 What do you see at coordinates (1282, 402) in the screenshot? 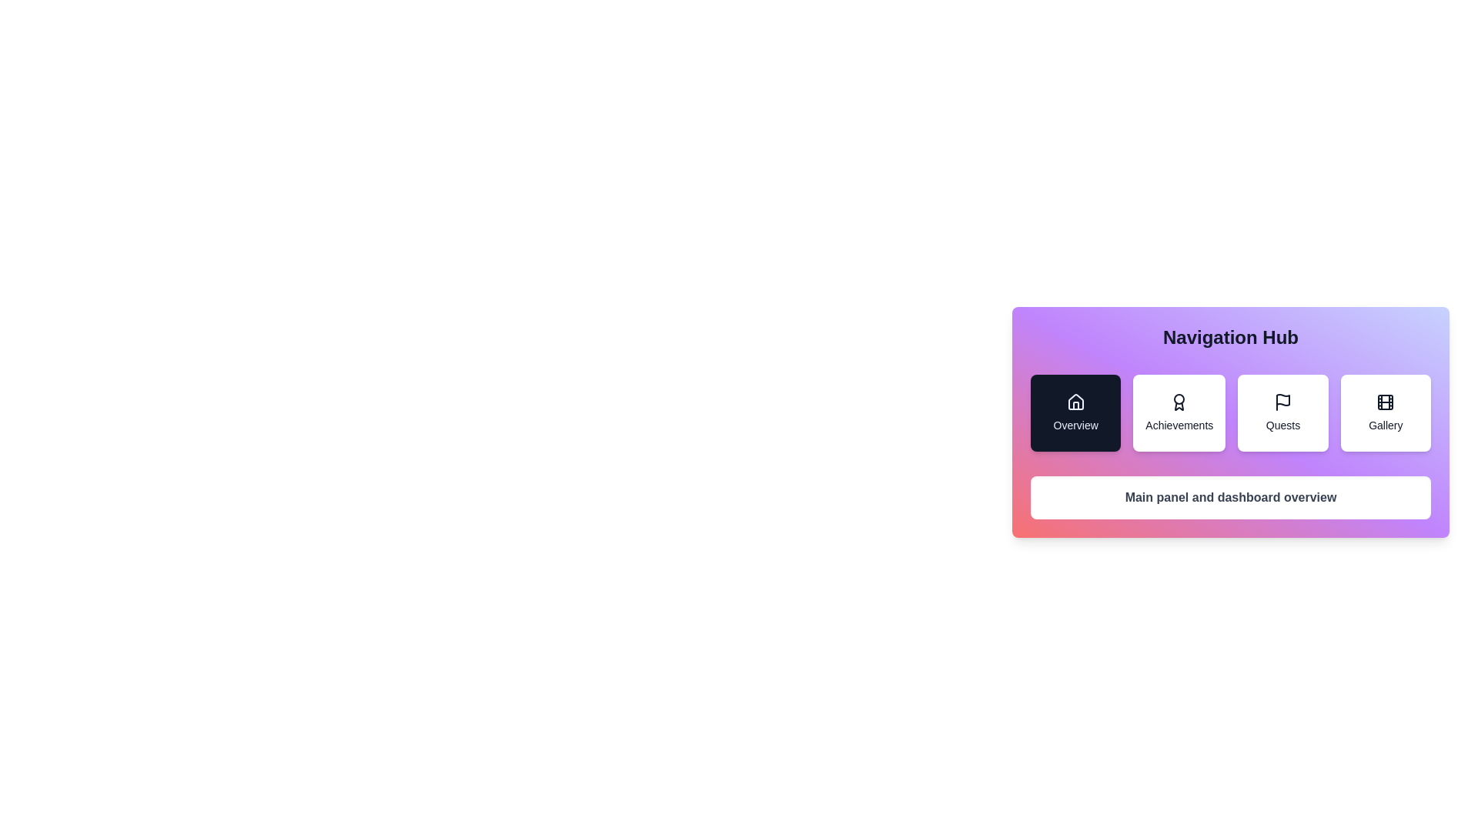
I see `the decorative icon representing 'Quests' located at the top-center of the 'Quests' card, which is the third card in a row of four cards below the 'Navigation Hub' title` at bounding box center [1282, 402].